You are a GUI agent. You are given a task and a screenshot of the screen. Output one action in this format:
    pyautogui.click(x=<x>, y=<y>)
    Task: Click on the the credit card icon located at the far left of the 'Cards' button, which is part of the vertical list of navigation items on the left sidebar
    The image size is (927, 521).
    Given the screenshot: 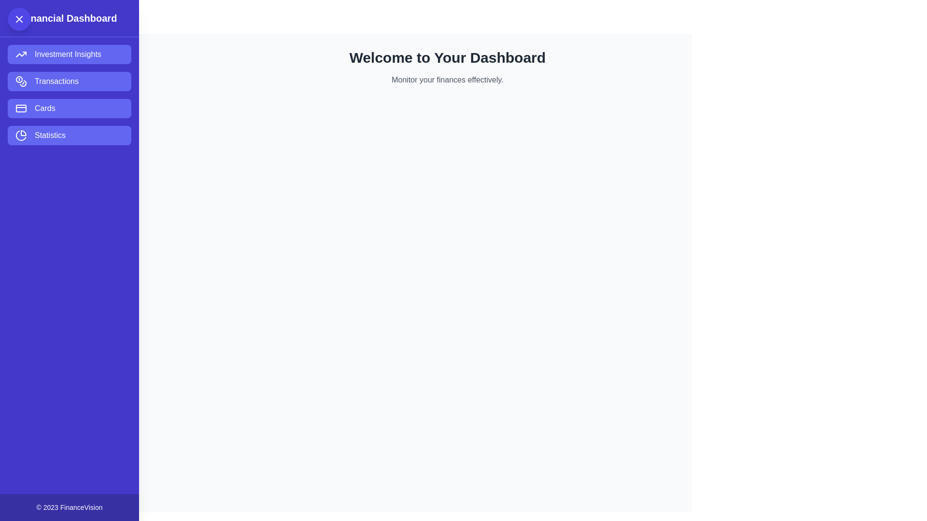 What is the action you would take?
    pyautogui.click(x=21, y=108)
    